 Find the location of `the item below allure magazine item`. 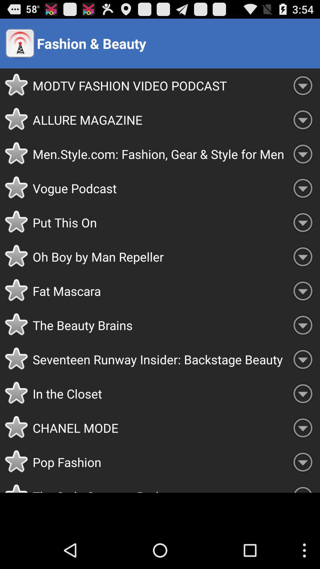

the item below allure magazine item is located at coordinates (159, 154).